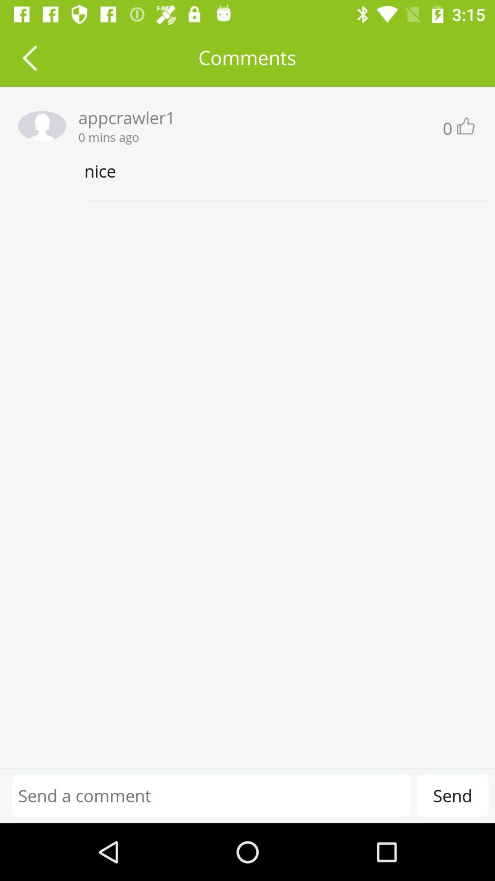 This screenshot has width=495, height=881. I want to click on the item to the left of the appcrawler1, so click(38, 125).